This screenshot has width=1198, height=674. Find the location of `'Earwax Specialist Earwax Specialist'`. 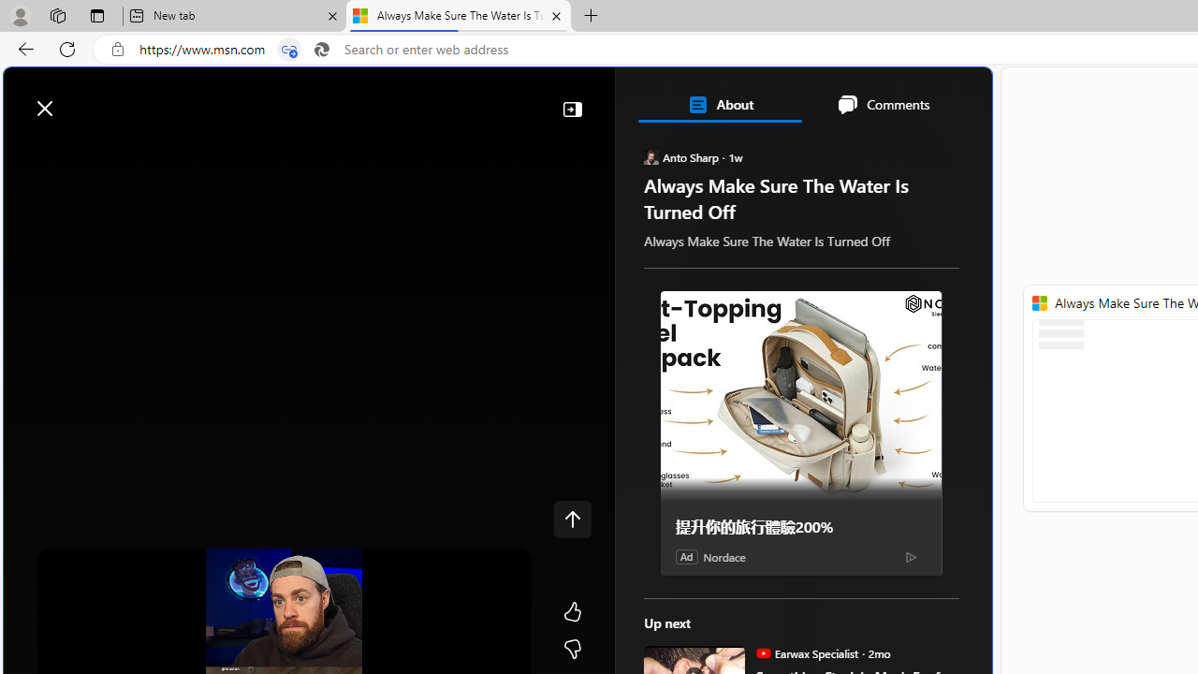

'Earwax Specialist Earwax Specialist' is located at coordinates (807, 652).